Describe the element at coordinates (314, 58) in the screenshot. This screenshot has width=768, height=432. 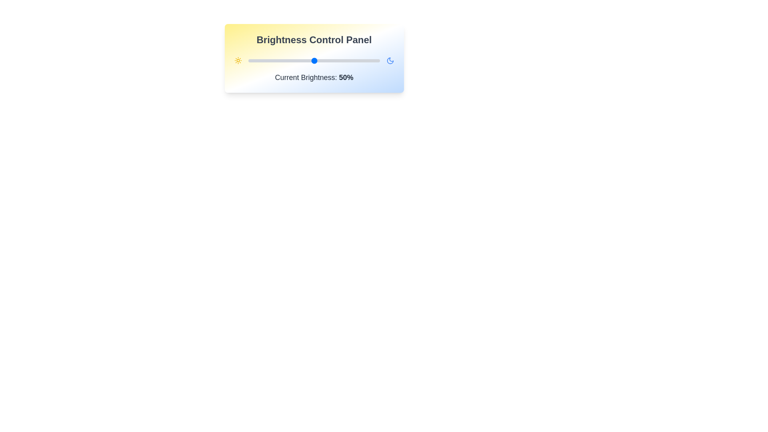
I see `displayed text 'Current Brightness: 50%' from the Control panel with a slider, which allows the user to adjust the brightness setting` at that location.